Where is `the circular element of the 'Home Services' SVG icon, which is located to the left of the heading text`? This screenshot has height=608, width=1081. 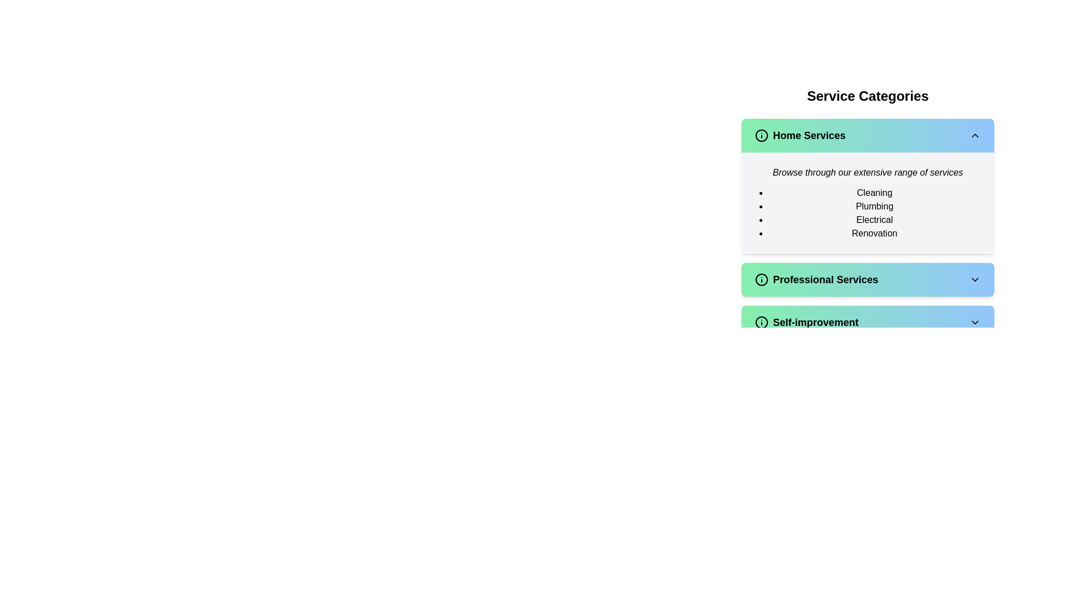
the circular element of the 'Home Services' SVG icon, which is located to the left of the heading text is located at coordinates (762, 135).